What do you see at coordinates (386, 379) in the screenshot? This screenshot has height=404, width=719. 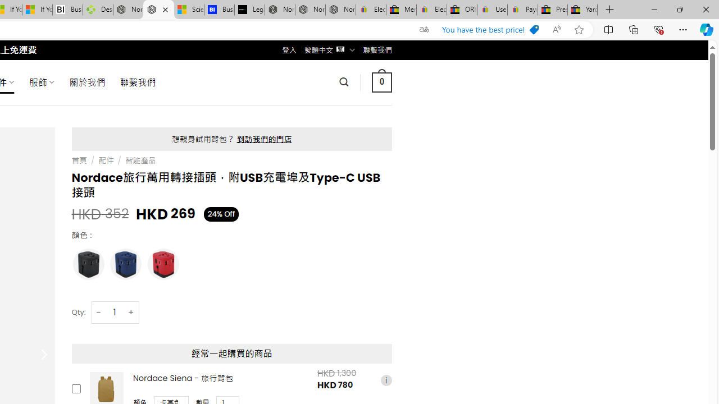 I see `'i'` at bounding box center [386, 379].